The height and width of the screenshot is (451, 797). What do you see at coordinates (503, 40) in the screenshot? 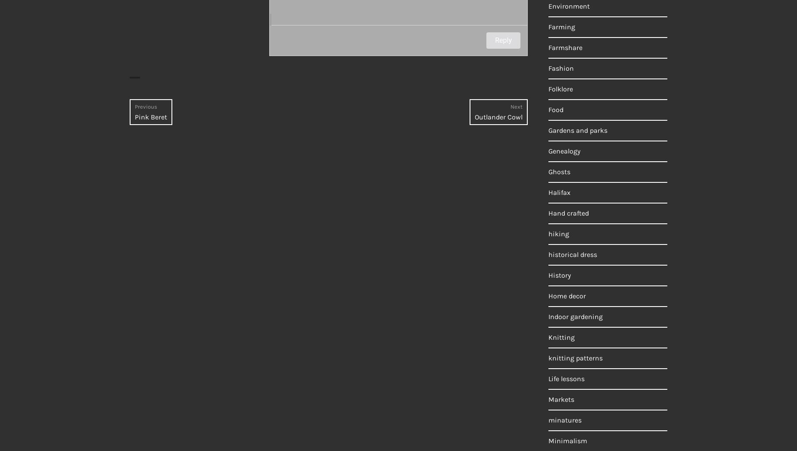
I see `'Reply'` at bounding box center [503, 40].